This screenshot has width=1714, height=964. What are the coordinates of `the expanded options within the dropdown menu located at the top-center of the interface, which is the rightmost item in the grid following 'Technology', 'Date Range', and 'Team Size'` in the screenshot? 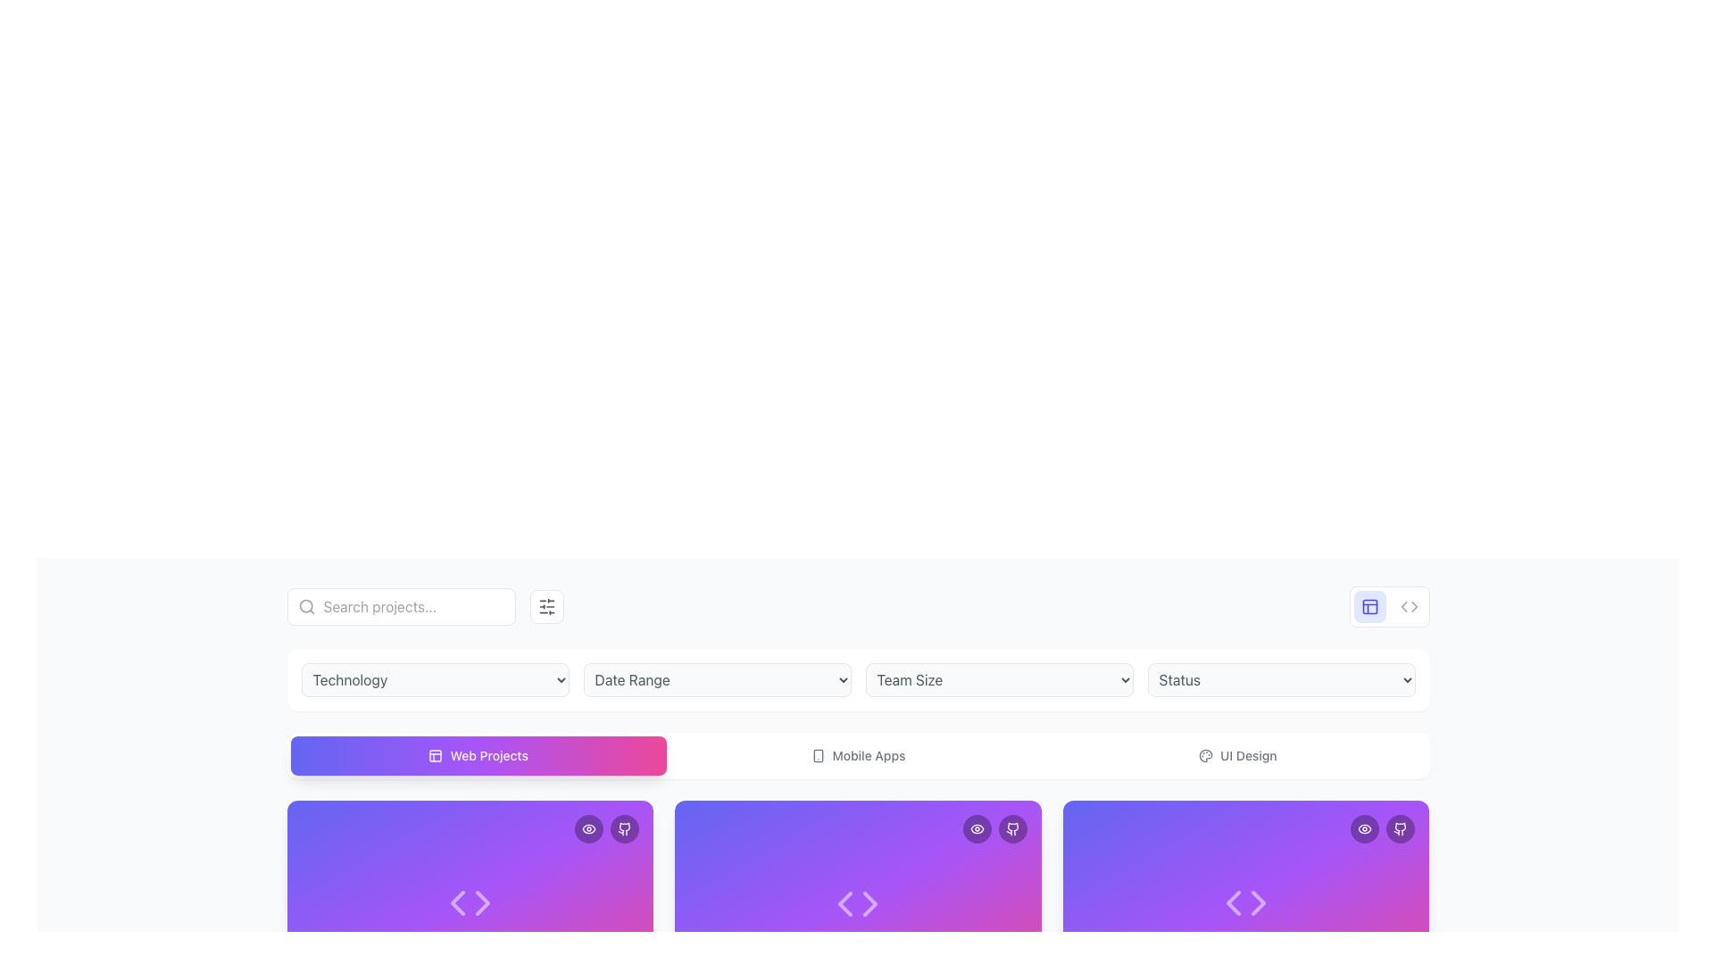 It's located at (1280, 680).